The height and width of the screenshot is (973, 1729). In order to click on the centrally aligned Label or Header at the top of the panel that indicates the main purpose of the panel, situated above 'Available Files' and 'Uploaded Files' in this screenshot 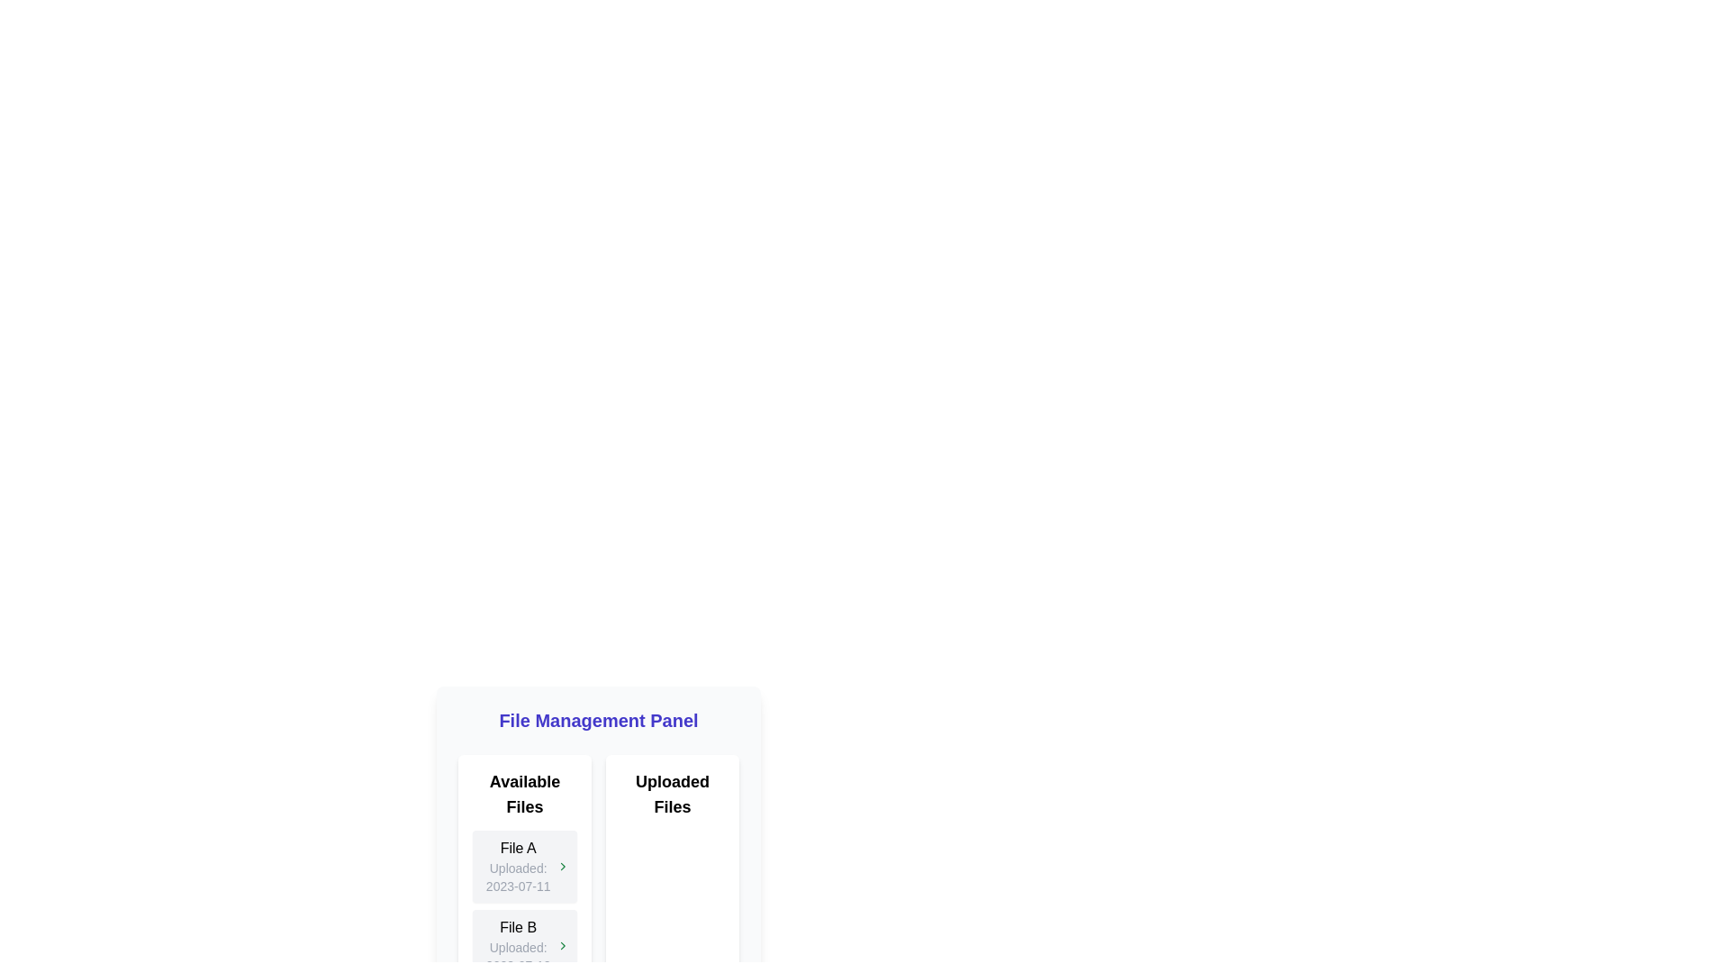, I will do `click(599, 719)`.